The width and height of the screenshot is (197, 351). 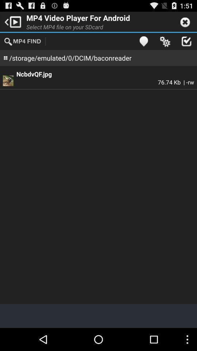 I want to click on the location icon, so click(x=143, y=44).